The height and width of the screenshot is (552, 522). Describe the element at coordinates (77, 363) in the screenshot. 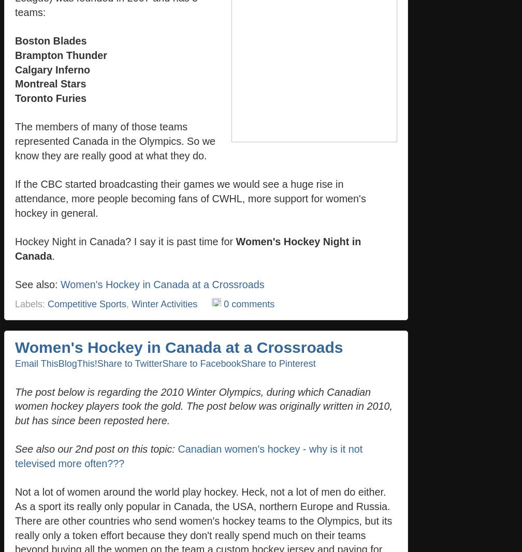

I see `'BlogThis!'` at that location.